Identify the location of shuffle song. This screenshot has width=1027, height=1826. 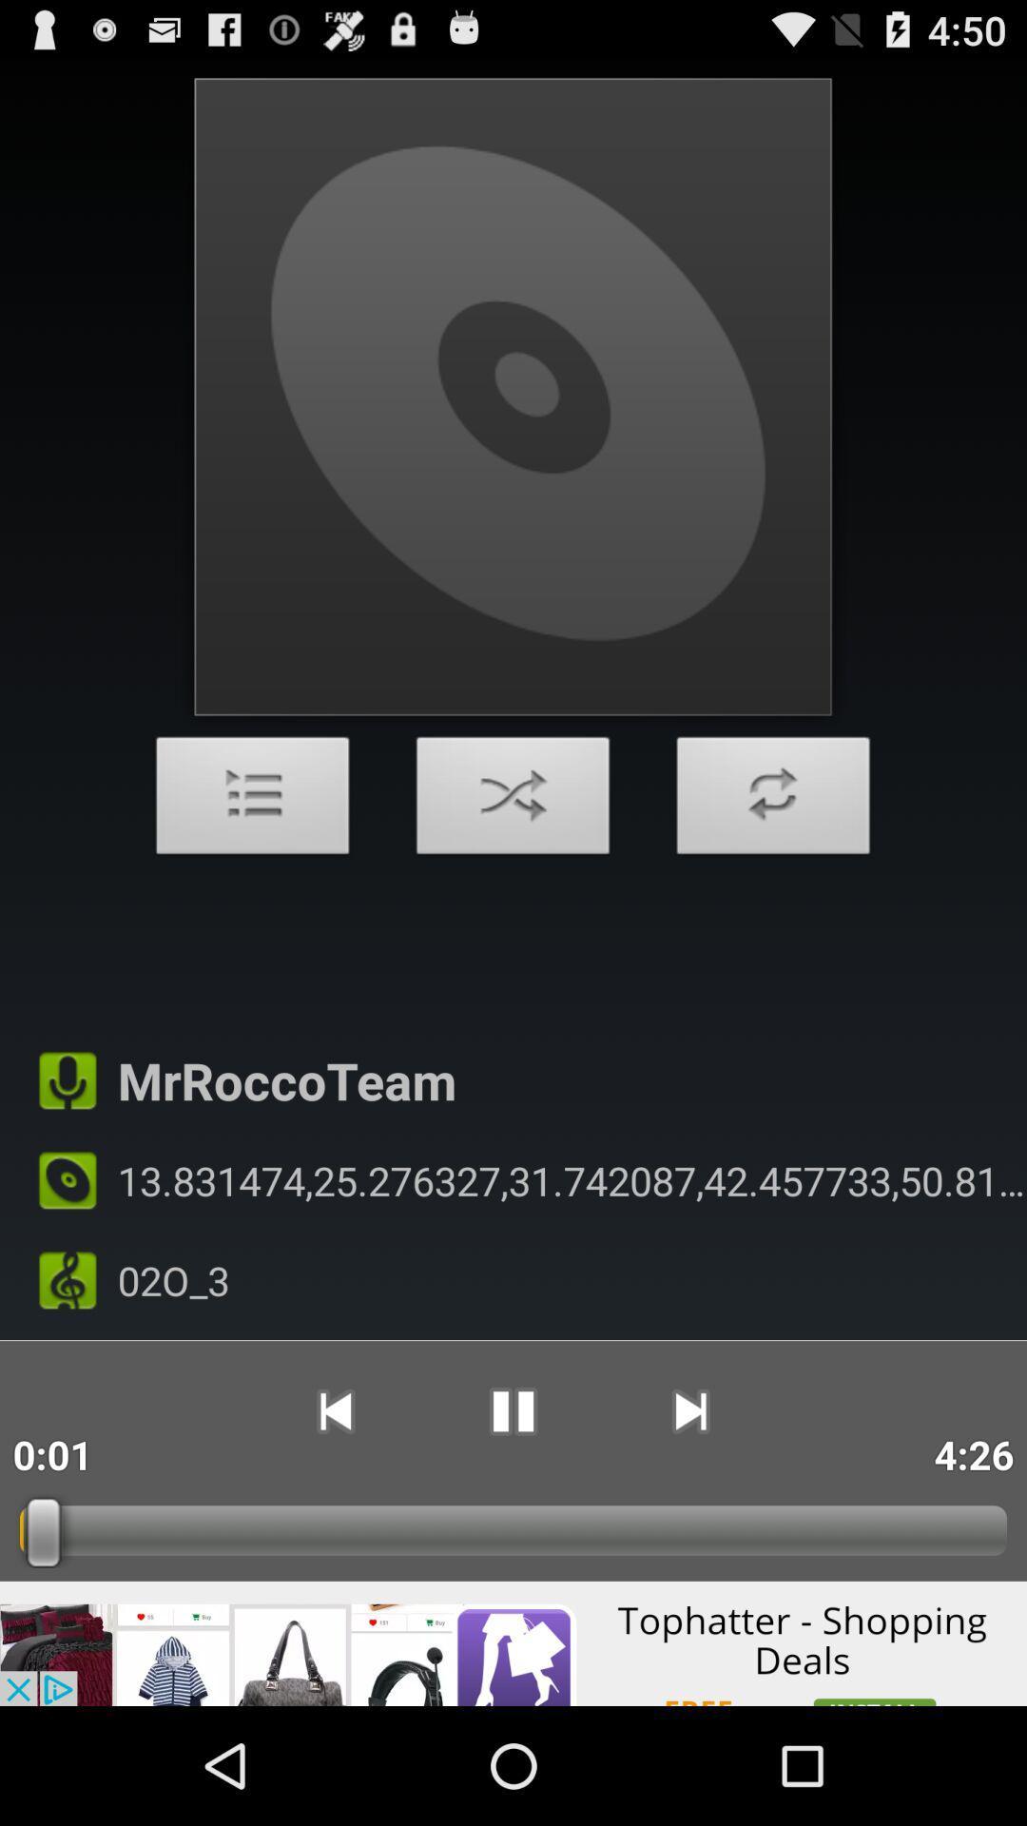
(513, 801).